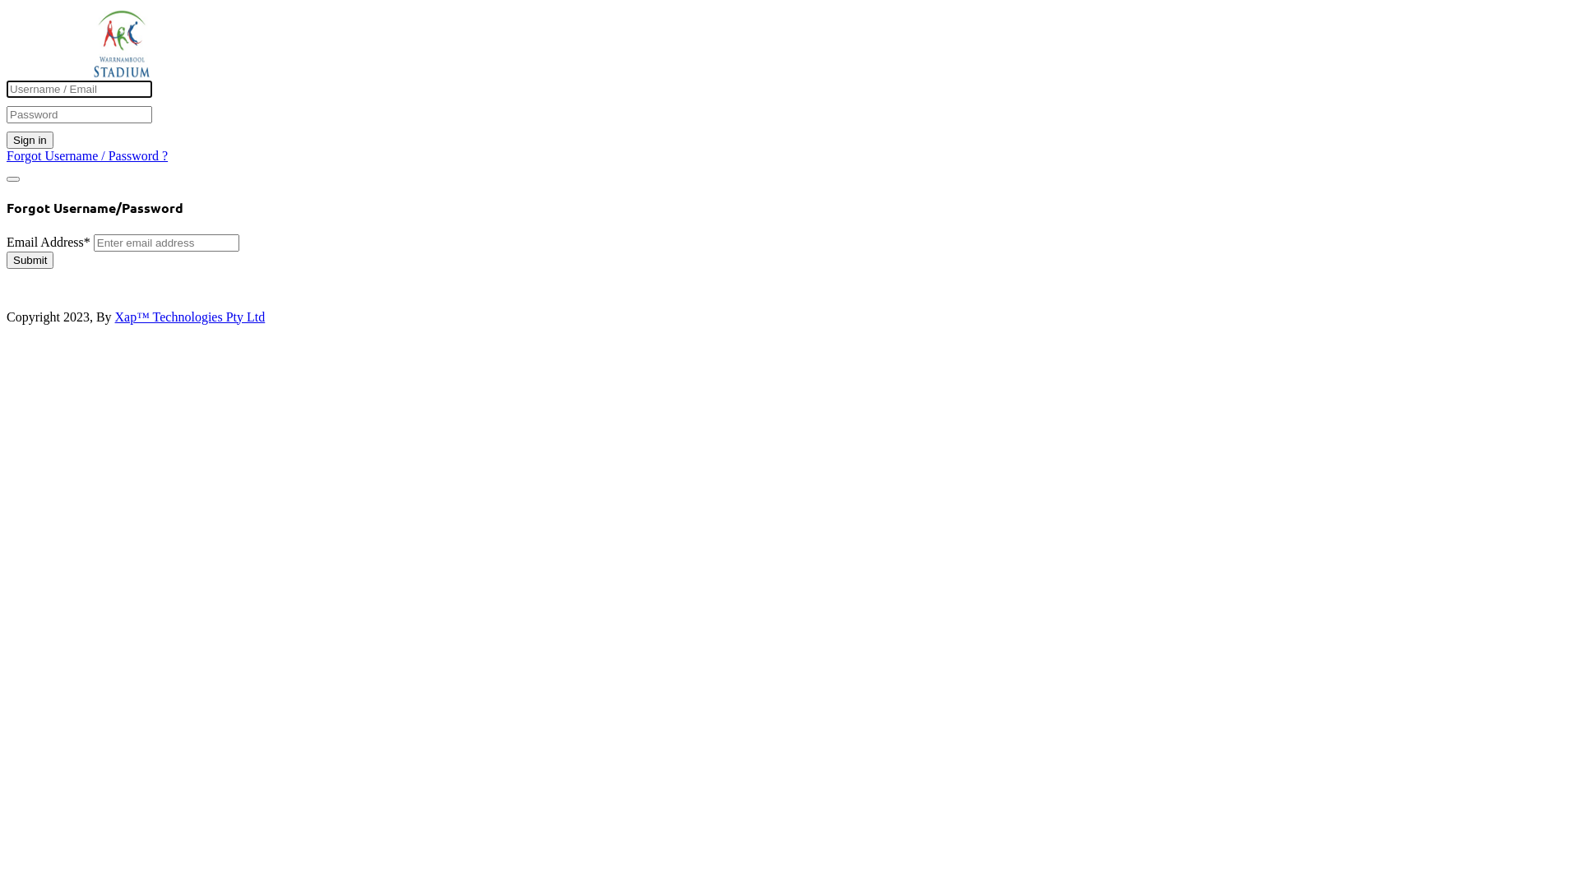 The height and width of the screenshot is (888, 1579). What do you see at coordinates (7, 259) in the screenshot?
I see `'Submit'` at bounding box center [7, 259].